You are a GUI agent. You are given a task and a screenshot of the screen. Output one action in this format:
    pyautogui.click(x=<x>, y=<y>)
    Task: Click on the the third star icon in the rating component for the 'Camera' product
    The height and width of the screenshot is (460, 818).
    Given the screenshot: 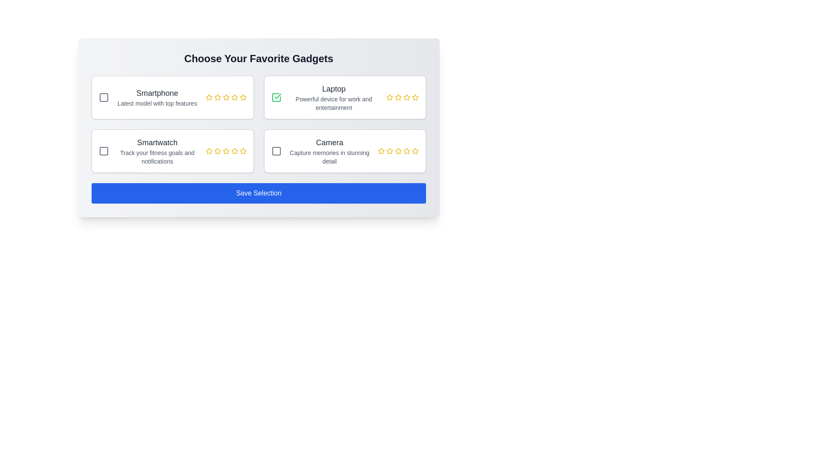 What is the action you would take?
    pyautogui.click(x=398, y=150)
    